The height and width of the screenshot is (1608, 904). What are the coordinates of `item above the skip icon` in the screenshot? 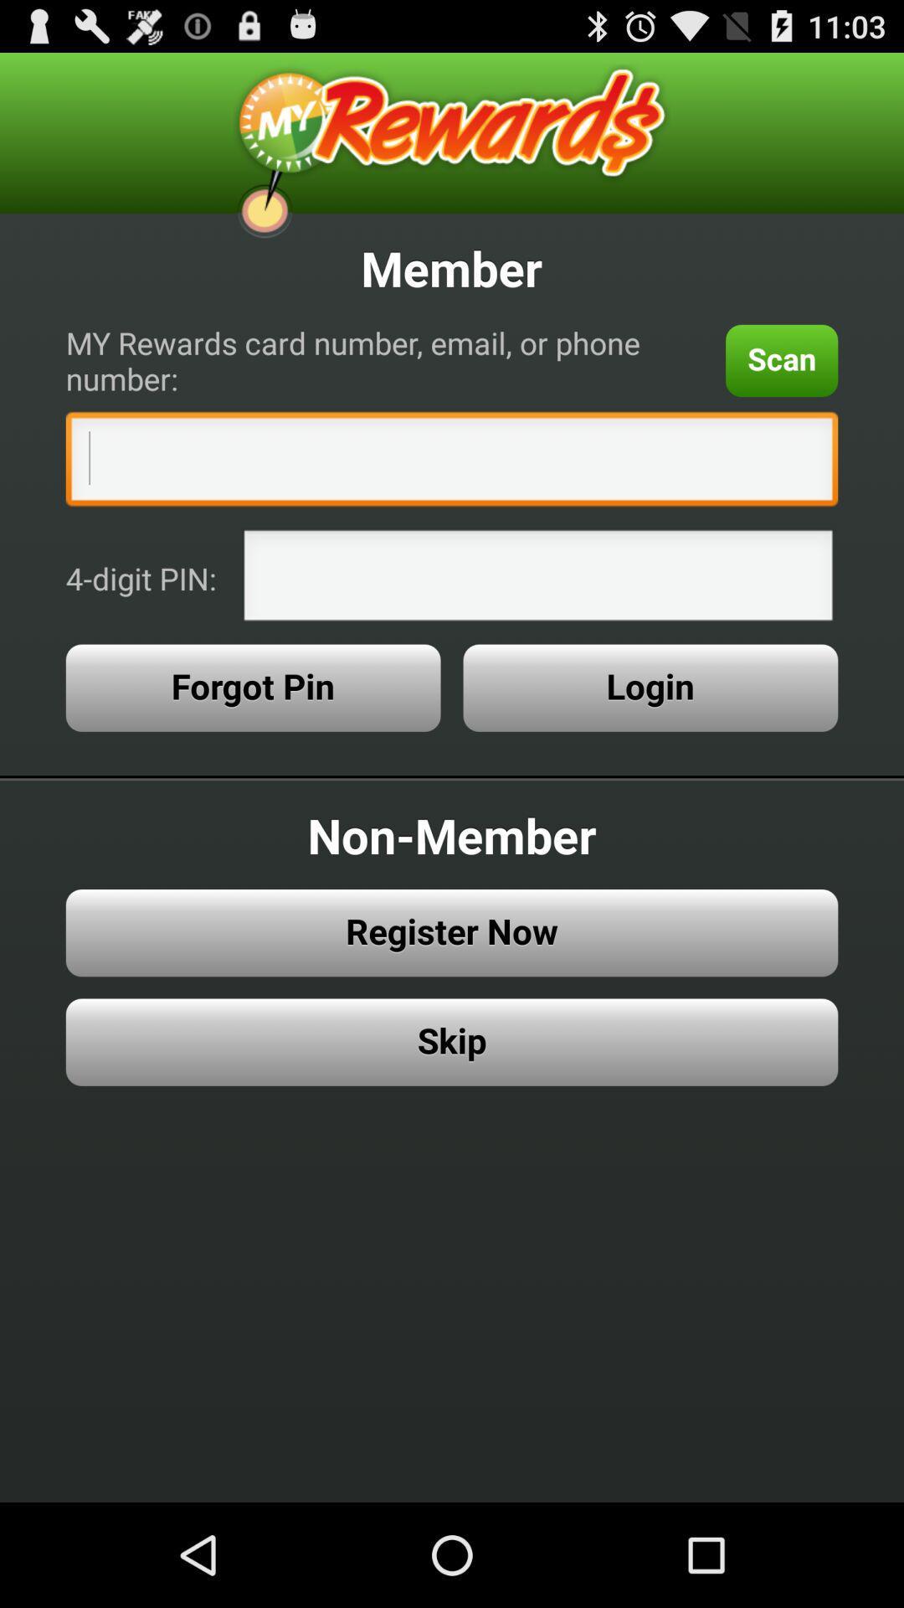 It's located at (452, 932).